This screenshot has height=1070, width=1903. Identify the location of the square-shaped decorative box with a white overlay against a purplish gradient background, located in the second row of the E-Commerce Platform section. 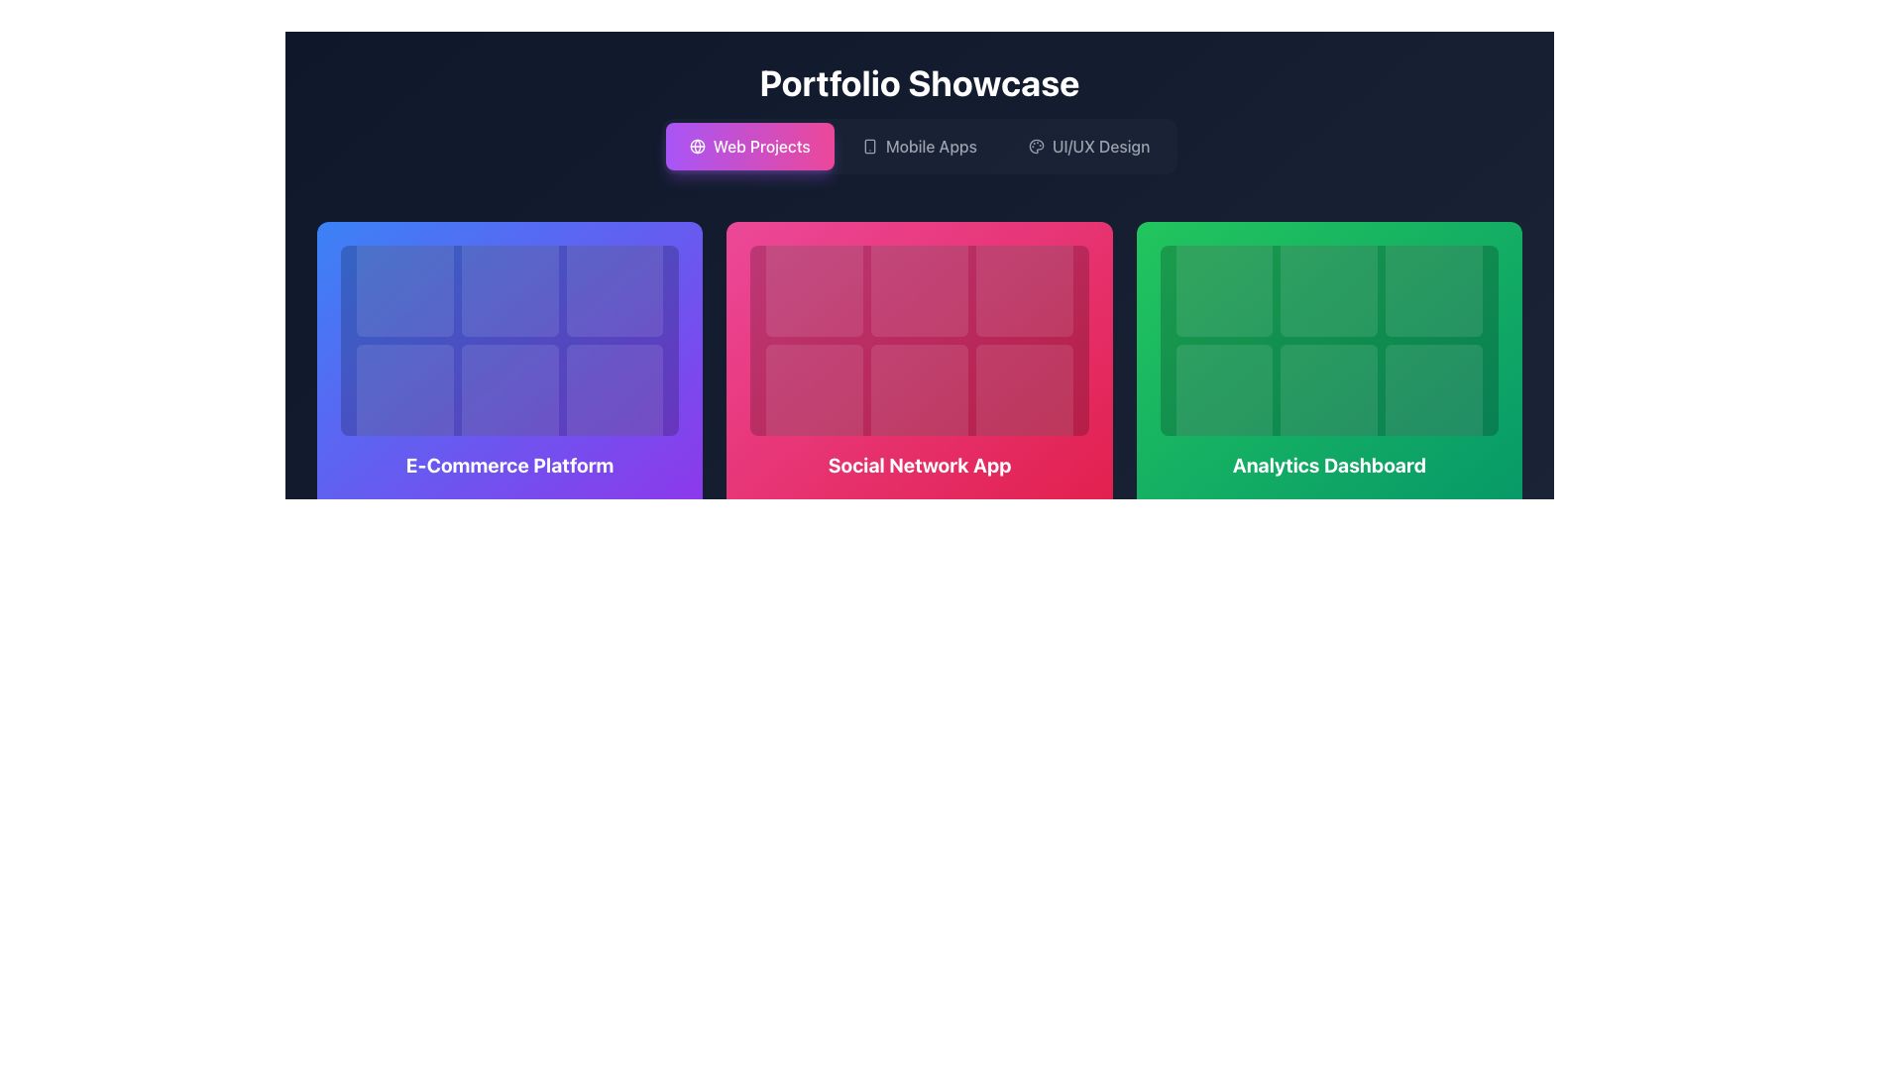
(509, 392).